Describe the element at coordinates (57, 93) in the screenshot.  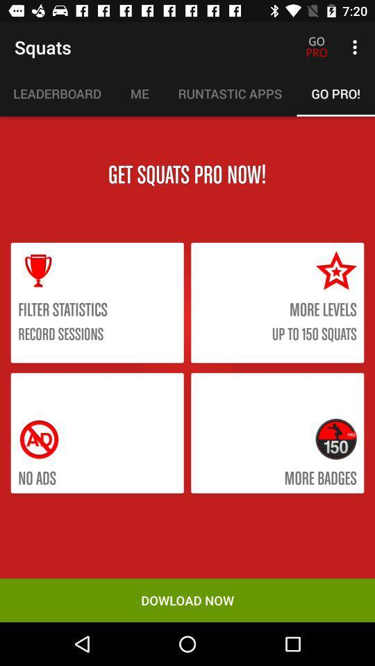
I see `the icon below the squats` at that location.